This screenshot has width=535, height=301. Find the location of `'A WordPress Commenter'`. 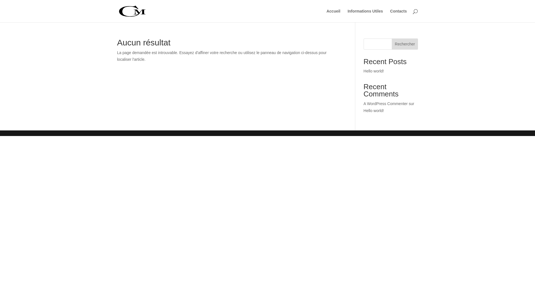

'A WordPress Commenter' is located at coordinates (385, 103).